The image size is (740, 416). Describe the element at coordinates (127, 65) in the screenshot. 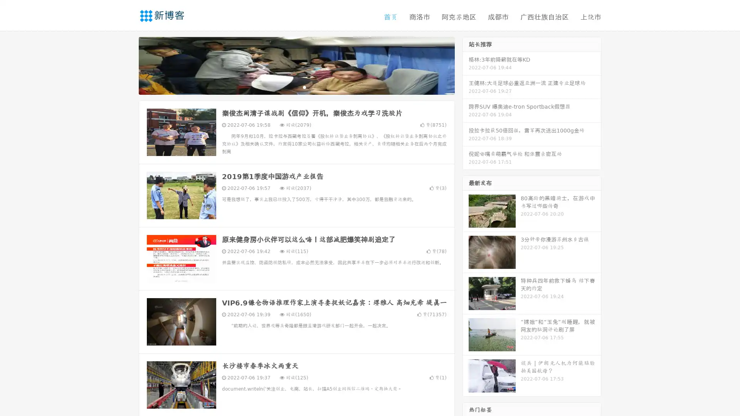

I see `Previous slide` at that location.